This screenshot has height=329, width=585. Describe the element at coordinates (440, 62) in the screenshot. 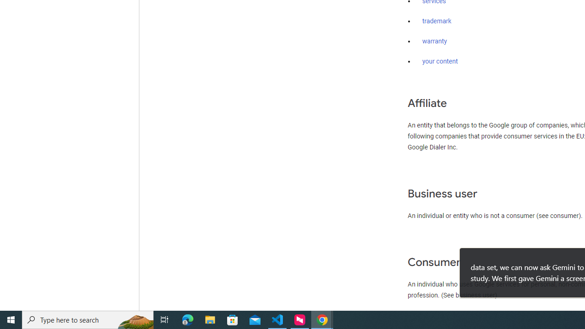

I see `'your content'` at that location.